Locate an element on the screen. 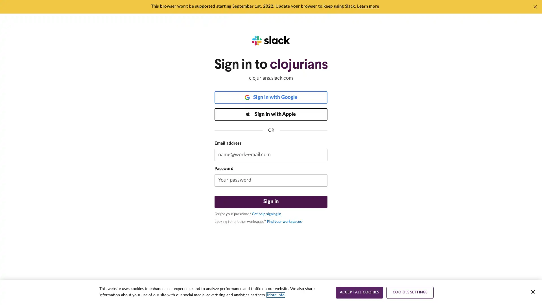  Sign in with Google is located at coordinates (271, 97).